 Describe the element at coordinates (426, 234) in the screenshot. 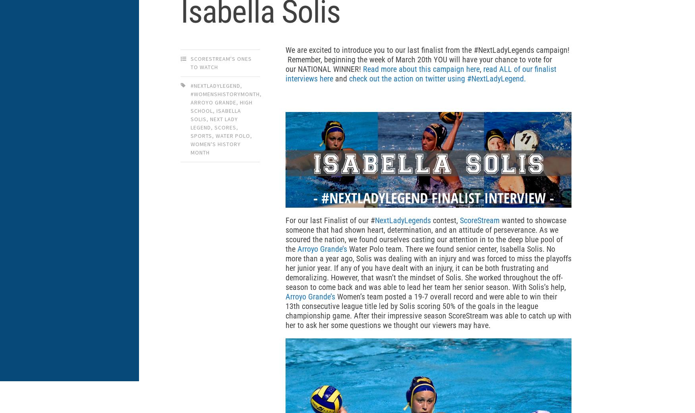

I see `'wanted to showcase someone that had shown heart, determination, and an attitude of perseverance. As we scoured the nation, we found ourselves casting our attention in to the deep blue pool of the'` at that location.